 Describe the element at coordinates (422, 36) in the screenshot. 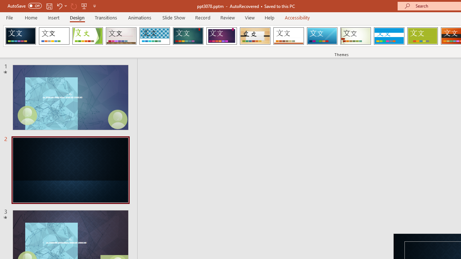

I see `'Basis'` at that location.